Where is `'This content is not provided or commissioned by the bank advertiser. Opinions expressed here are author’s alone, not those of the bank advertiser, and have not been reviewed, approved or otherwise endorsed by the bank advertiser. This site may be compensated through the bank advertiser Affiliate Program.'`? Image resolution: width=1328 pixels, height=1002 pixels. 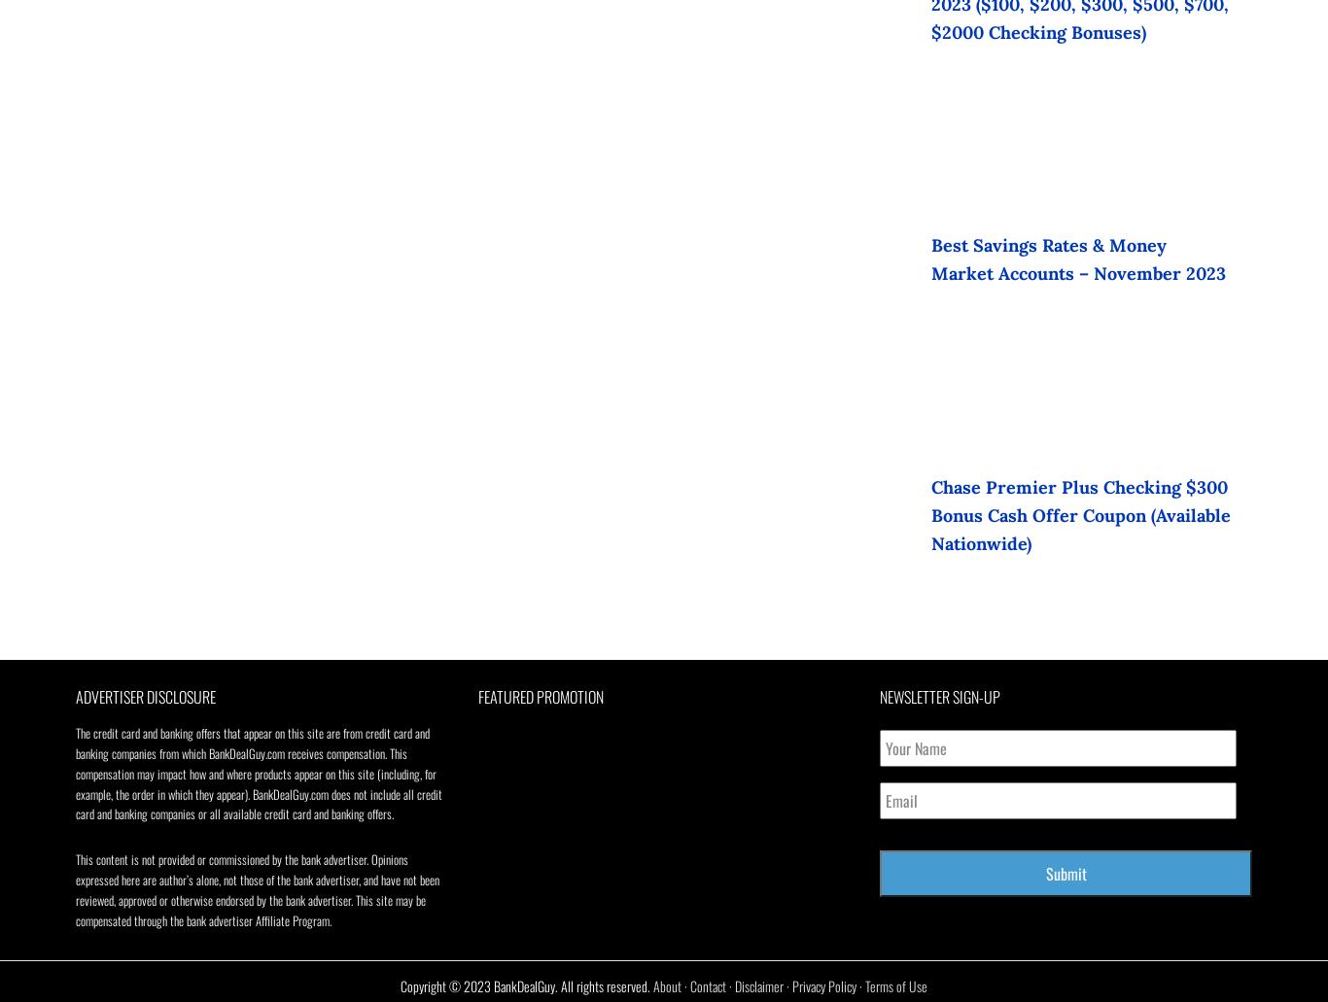
'This content is not provided or commissioned by the bank advertiser. Opinions expressed here are author’s alone, not those of the bank advertiser, and have not been reviewed, approved or otherwise endorsed by the bank advertiser. This site may be compensated through the bank advertiser Affiliate Program.' is located at coordinates (258, 889).